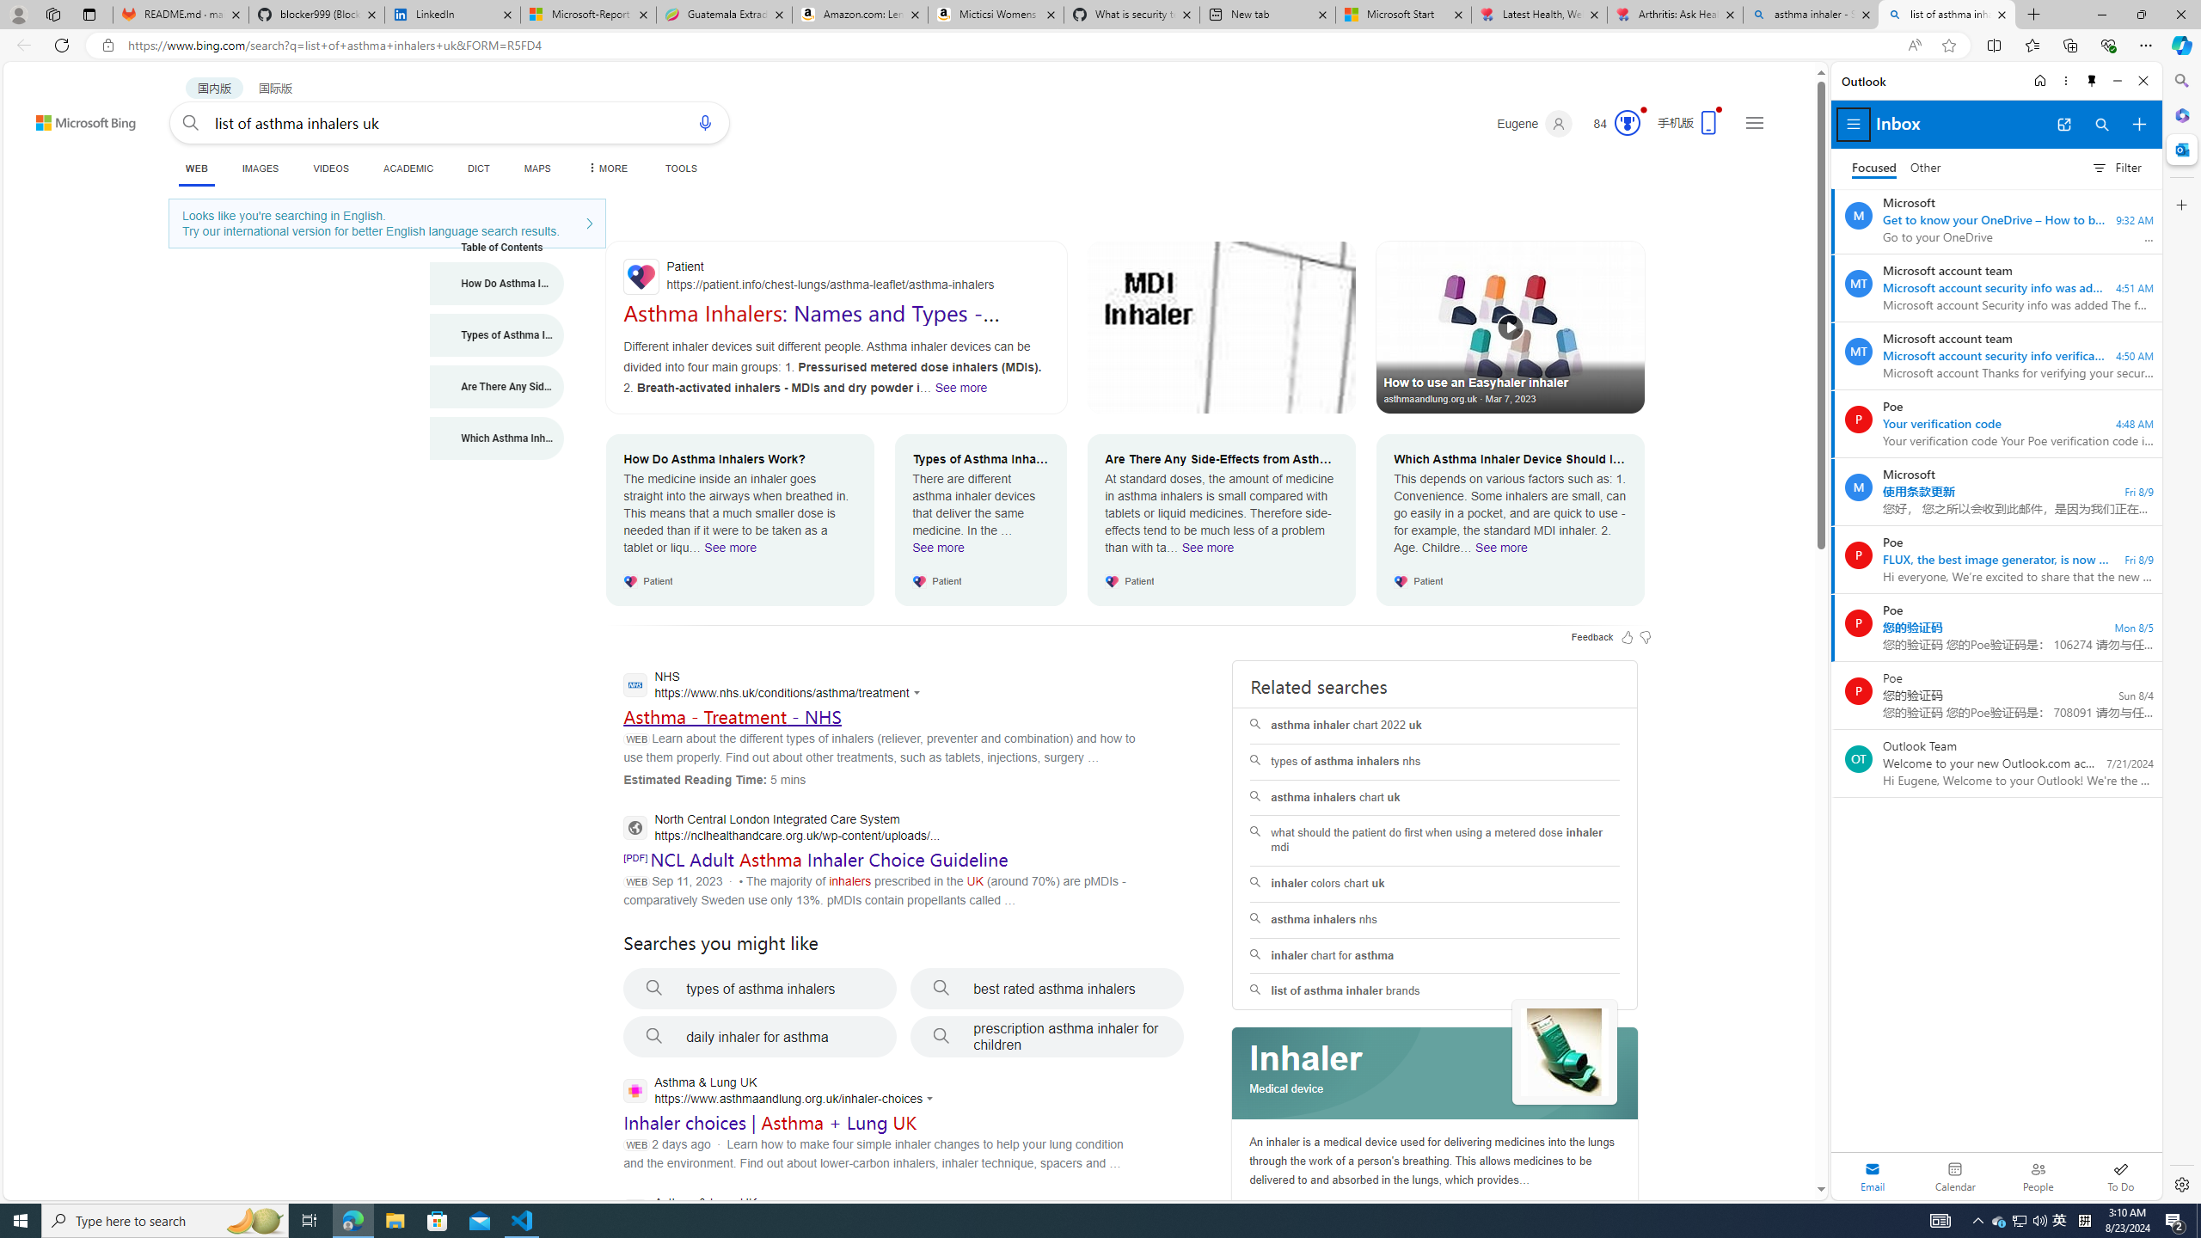 The image size is (2201, 1238). Describe the element at coordinates (536, 168) in the screenshot. I see `'MAPS'` at that location.